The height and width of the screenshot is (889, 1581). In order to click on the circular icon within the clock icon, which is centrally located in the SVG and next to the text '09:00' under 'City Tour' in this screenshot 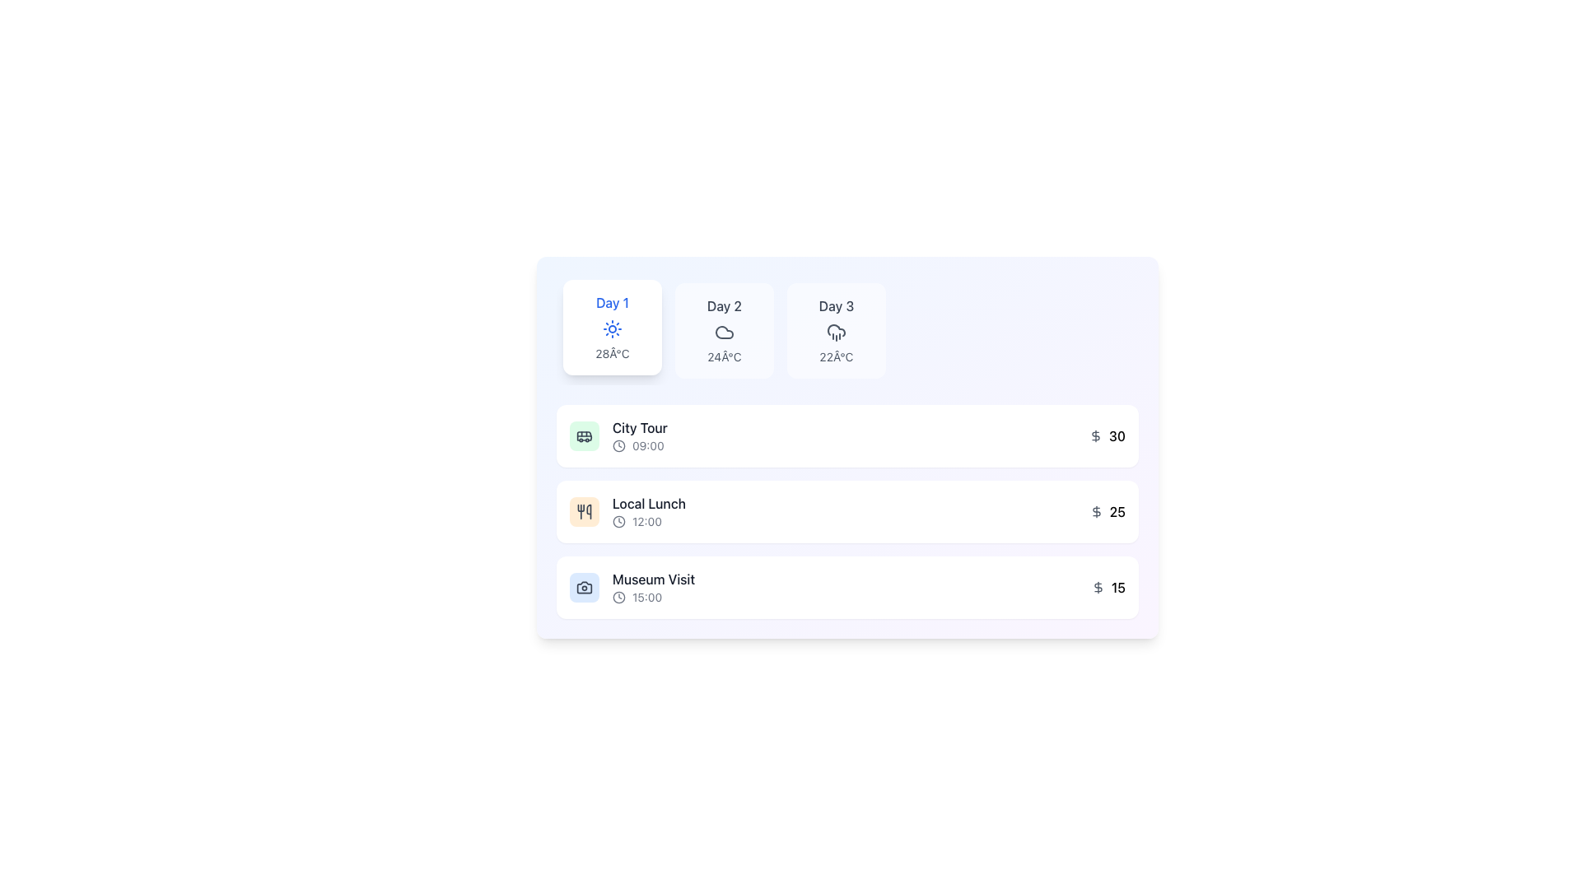, I will do `click(618, 521)`.